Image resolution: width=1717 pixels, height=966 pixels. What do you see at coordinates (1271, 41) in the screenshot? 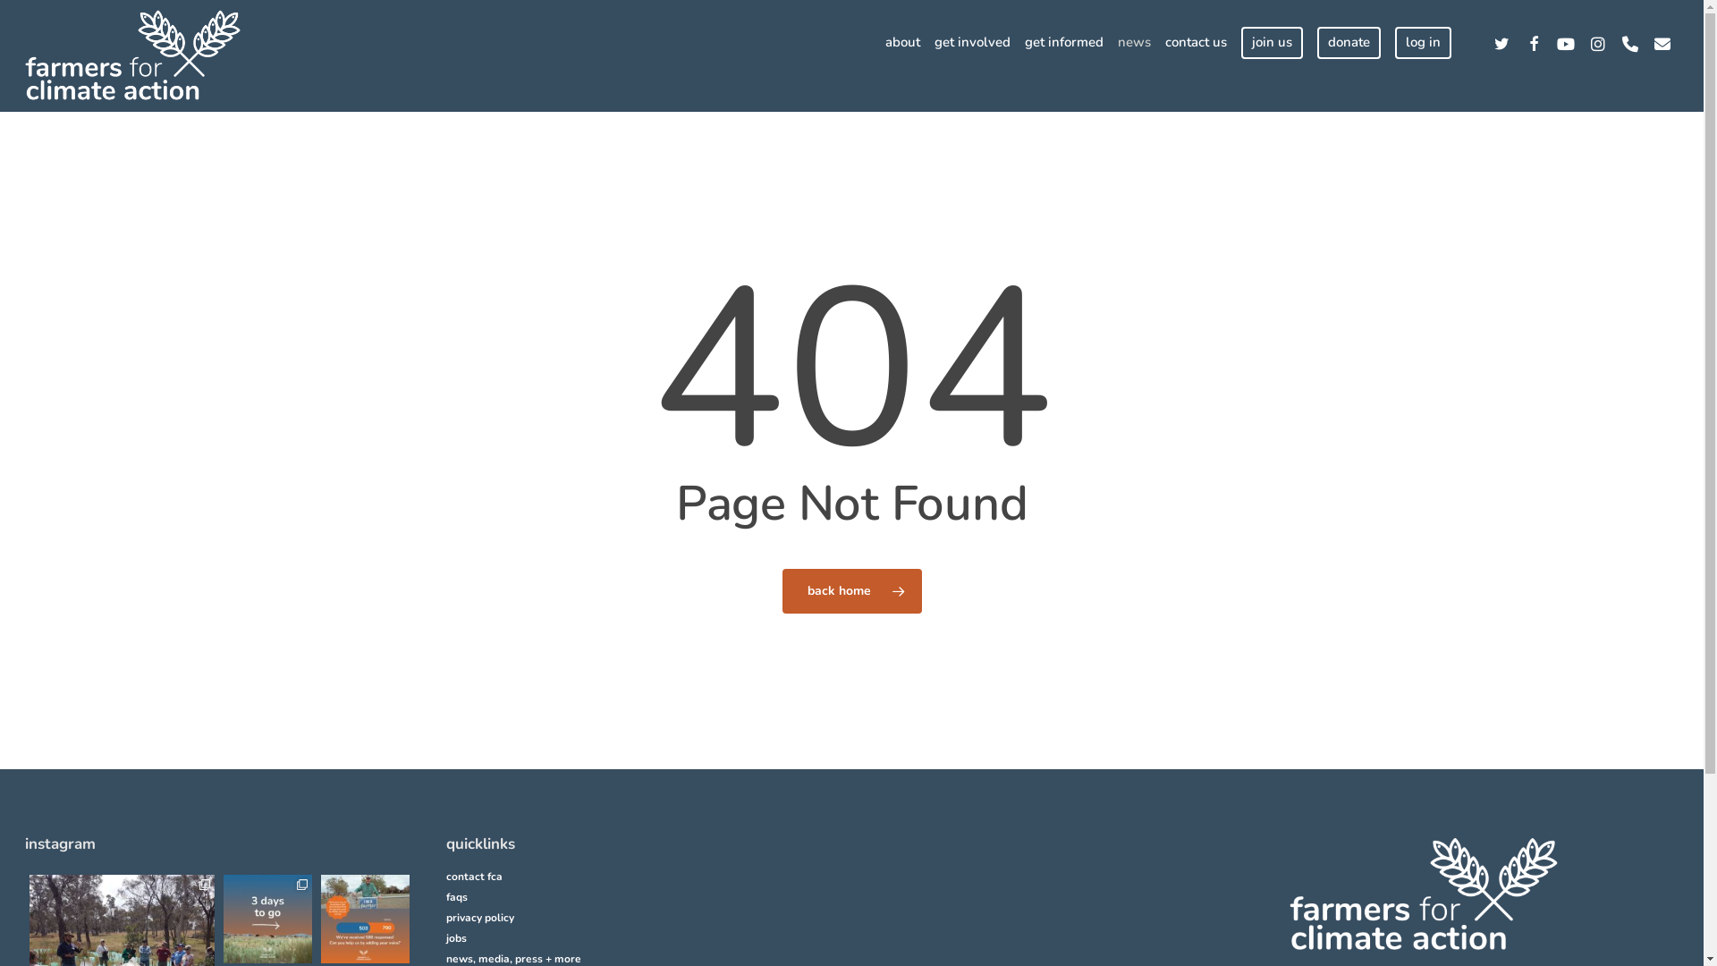
I see `'join us'` at bounding box center [1271, 41].